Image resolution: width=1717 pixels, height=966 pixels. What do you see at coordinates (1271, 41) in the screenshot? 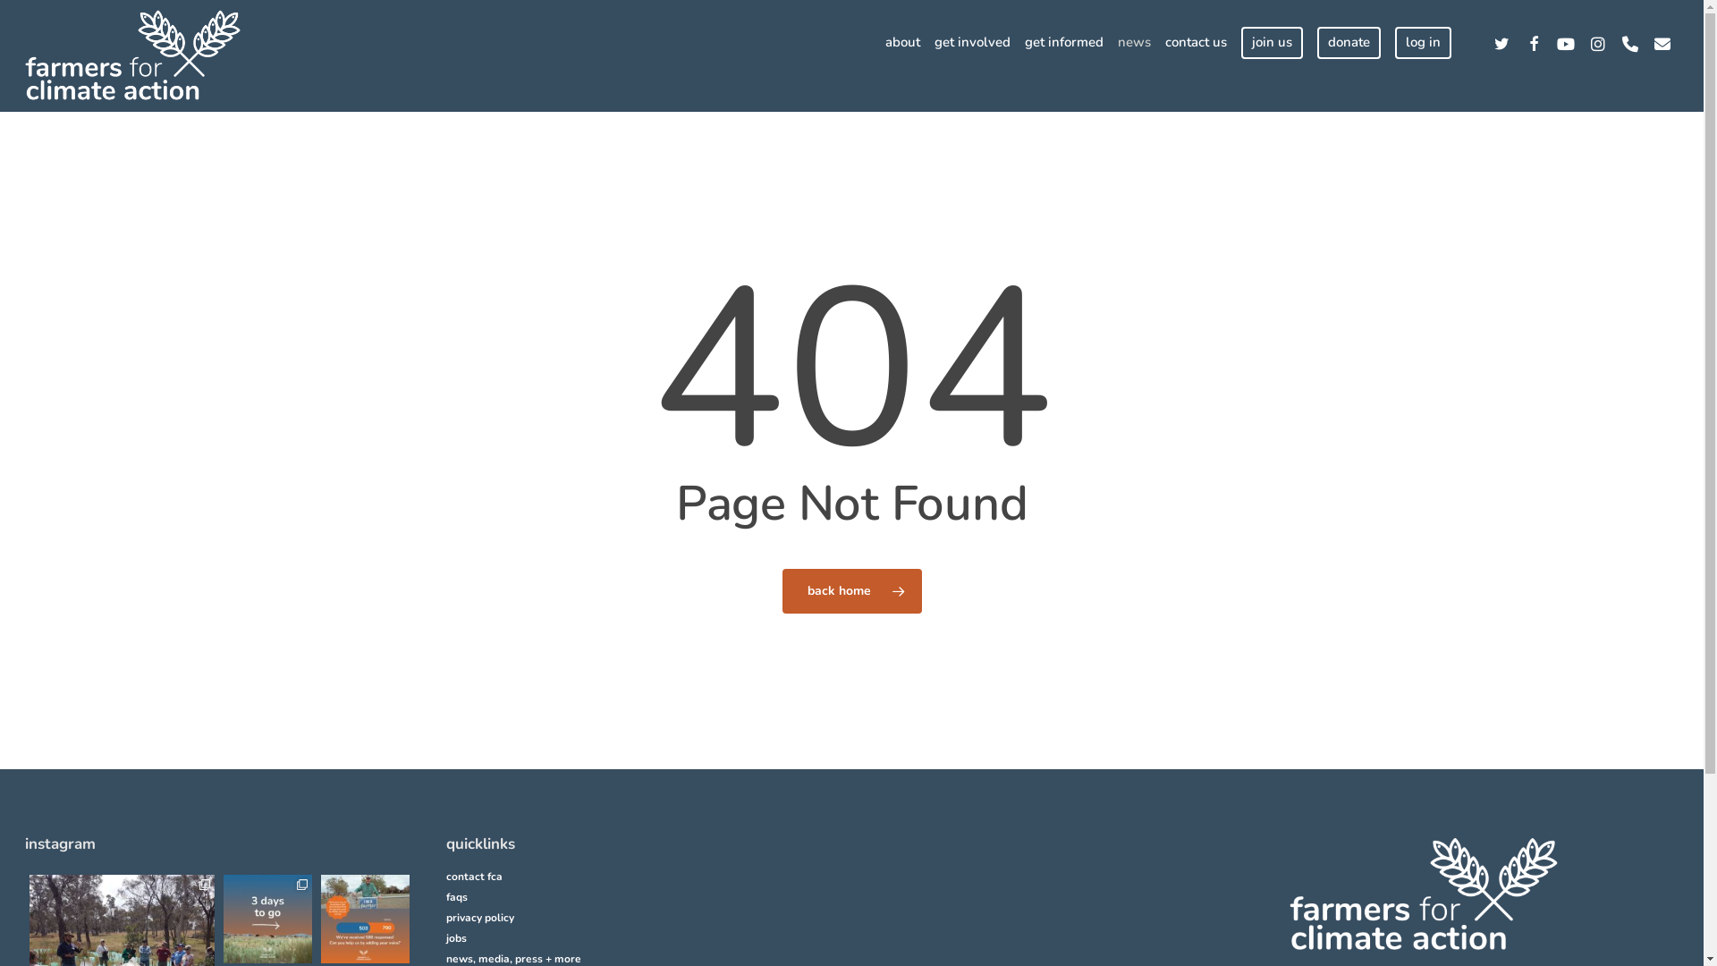
I see `'join us'` at bounding box center [1271, 41].